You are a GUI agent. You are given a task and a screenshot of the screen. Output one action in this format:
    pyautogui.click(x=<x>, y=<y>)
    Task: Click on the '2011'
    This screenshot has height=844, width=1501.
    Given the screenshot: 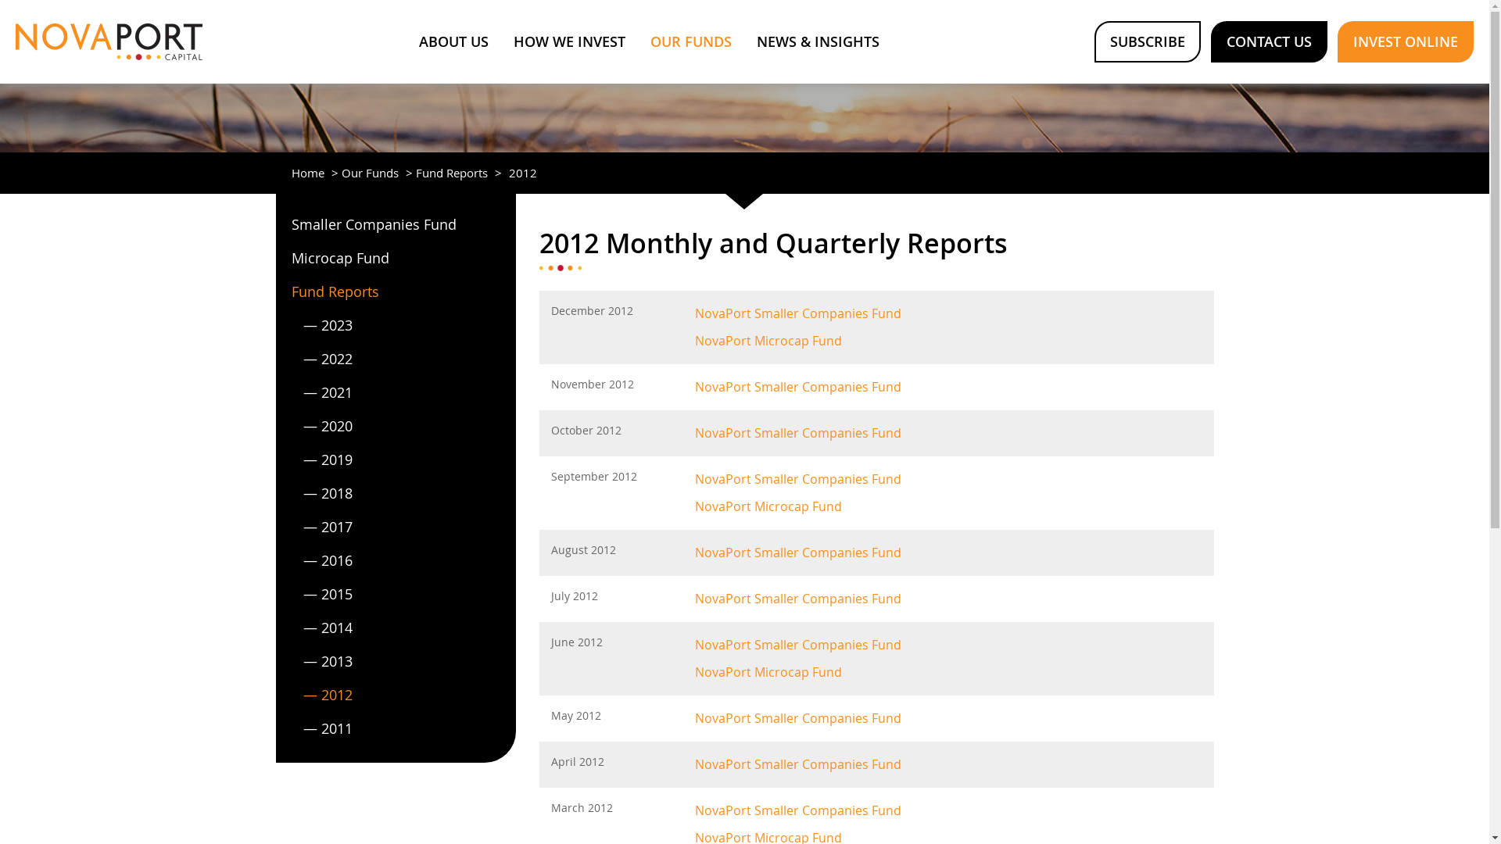 What is the action you would take?
    pyautogui.click(x=395, y=723)
    